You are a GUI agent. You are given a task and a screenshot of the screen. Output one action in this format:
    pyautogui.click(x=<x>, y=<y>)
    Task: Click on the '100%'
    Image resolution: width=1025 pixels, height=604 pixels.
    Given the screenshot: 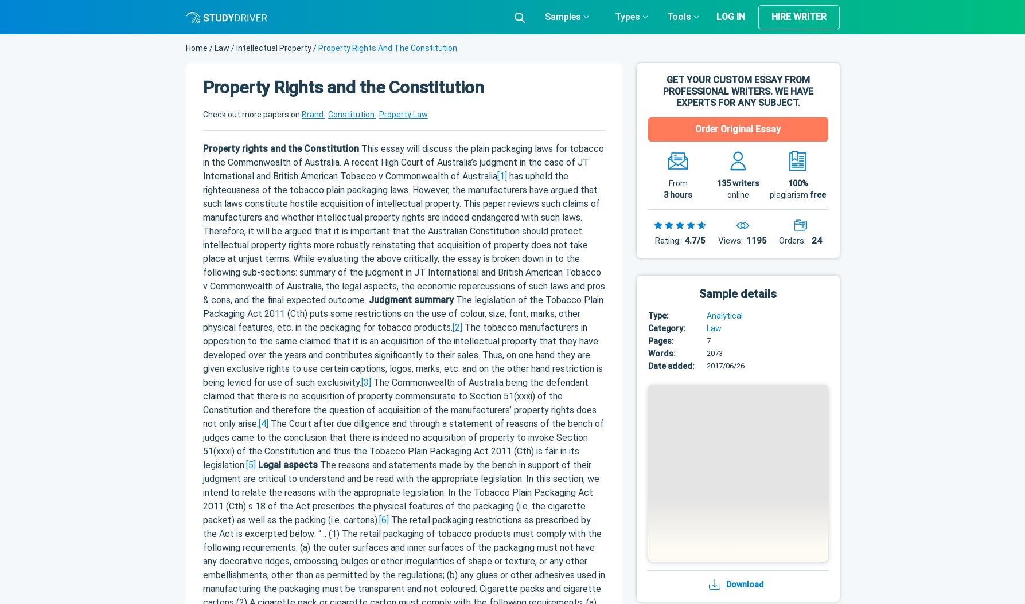 What is the action you would take?
    pyautogui.click(x=797, y=183)
    